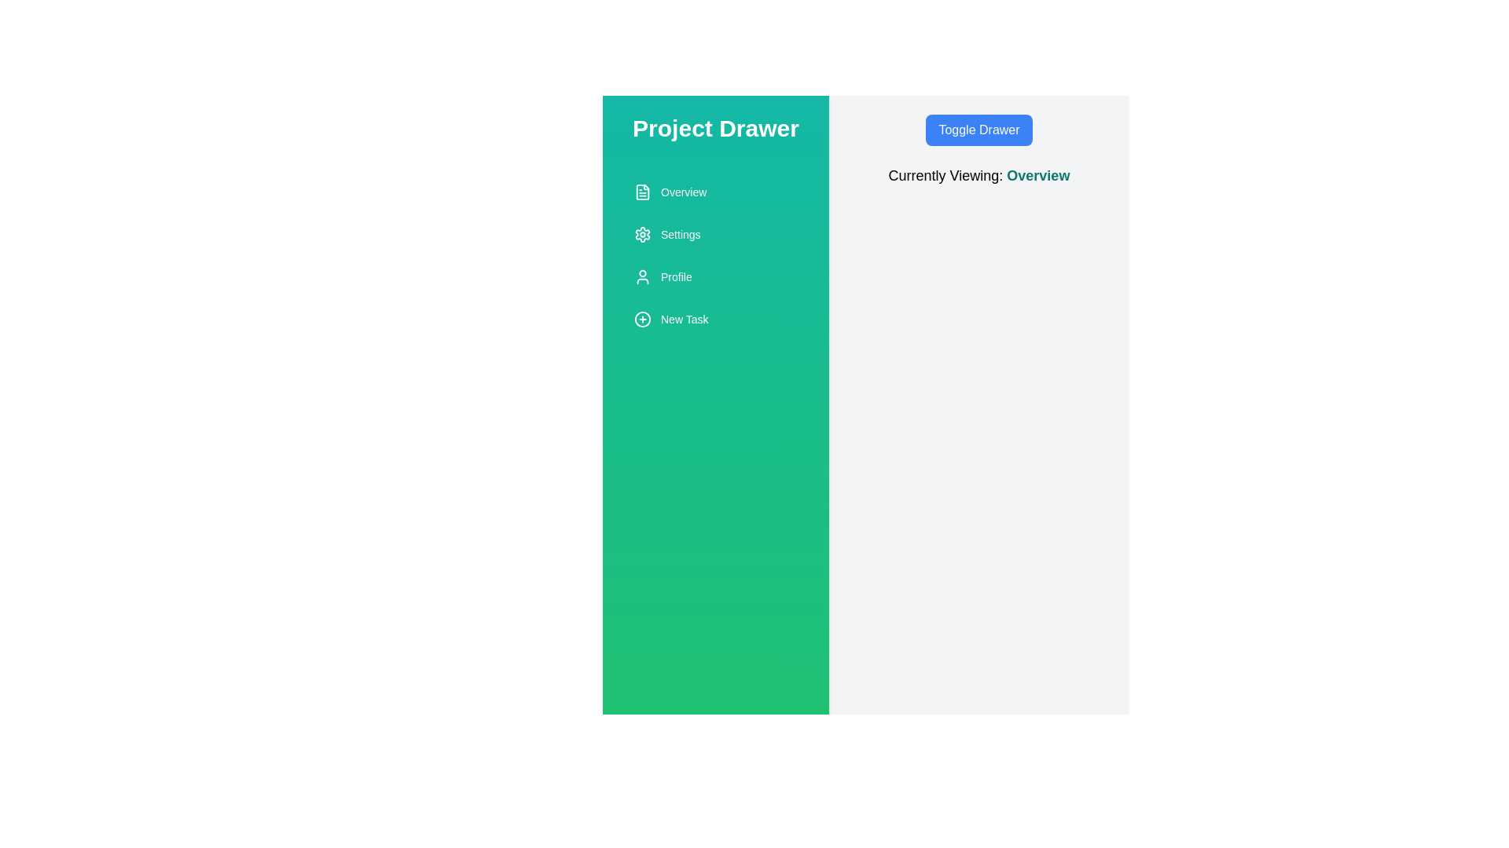 The height and width of the screenshot is (848, 1509). Describe the element at coordinates (715, 276) in the screenshot. I see `the menu item labeled Profile to switch to the corresponding section` at that location.